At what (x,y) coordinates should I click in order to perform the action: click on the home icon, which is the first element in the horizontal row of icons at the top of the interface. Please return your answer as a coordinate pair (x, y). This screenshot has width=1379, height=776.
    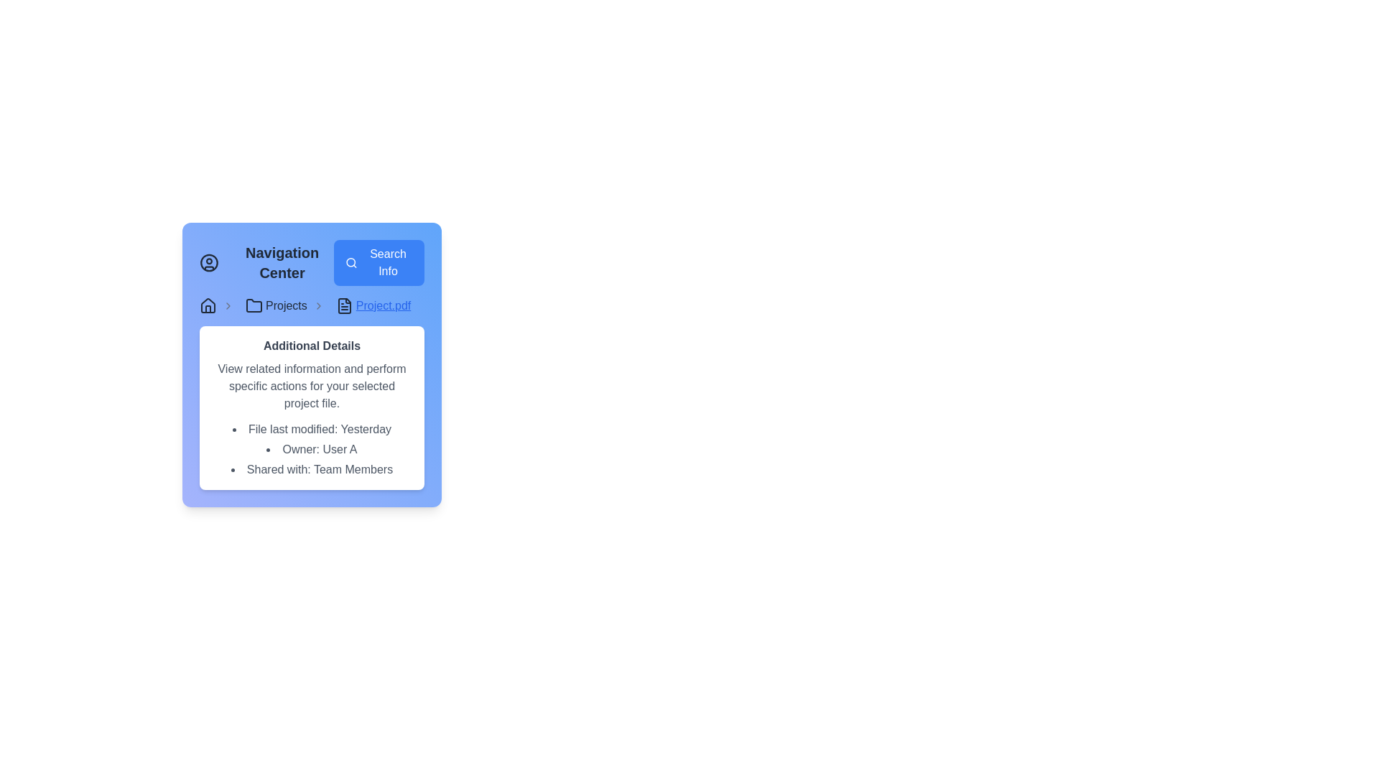
    Looking at the image, I should click on (207, 304).